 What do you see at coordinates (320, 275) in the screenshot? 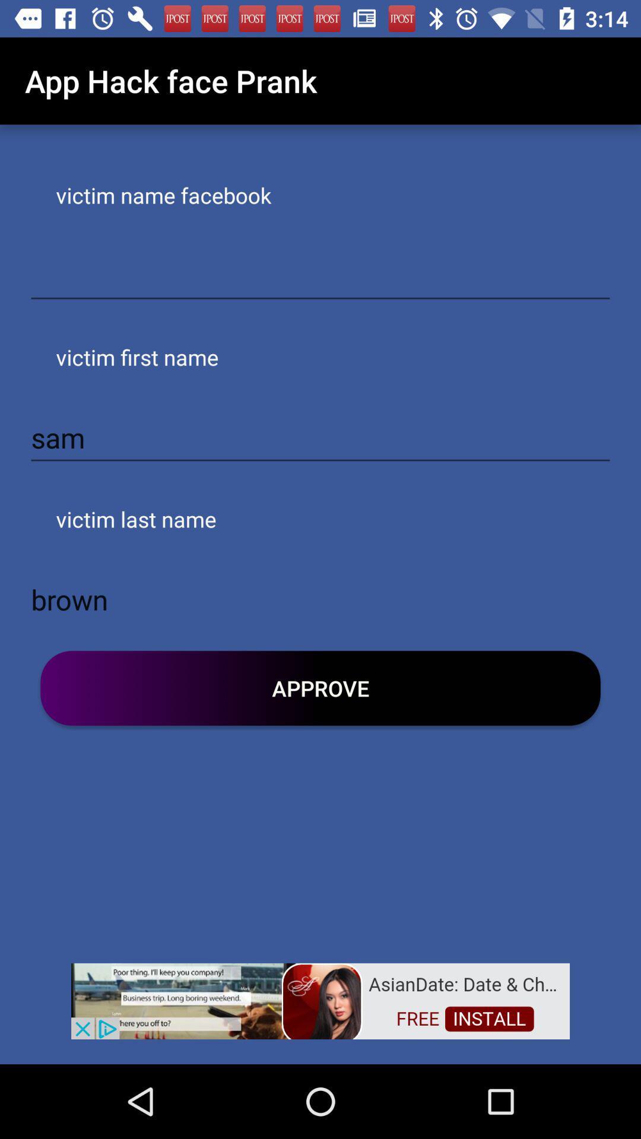
I see `victim 's facebook name` at bounding box center [320, 275].